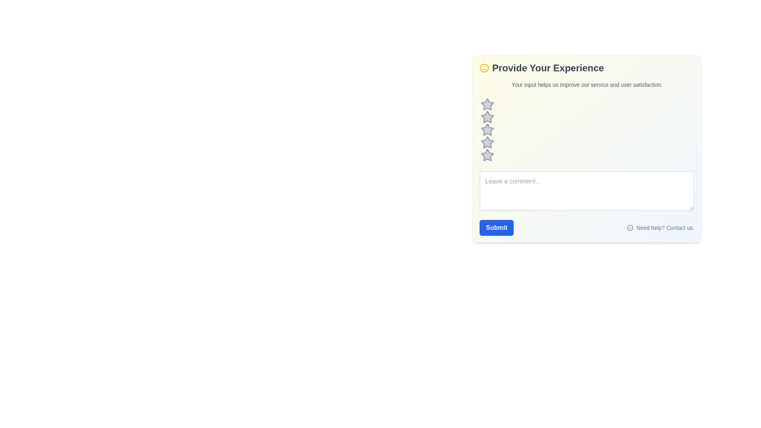 Image resolution: width=761 pixels, height=428 pixels. I want to click on the smiley icon located at the upper left corner of the feedback form, preceding the header 'Provide Your Experience.', so click(484, 68).